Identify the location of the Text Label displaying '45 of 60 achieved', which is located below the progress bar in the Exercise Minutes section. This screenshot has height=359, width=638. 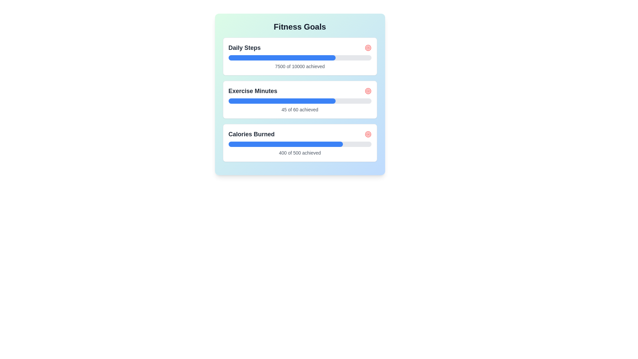
(299, 109).